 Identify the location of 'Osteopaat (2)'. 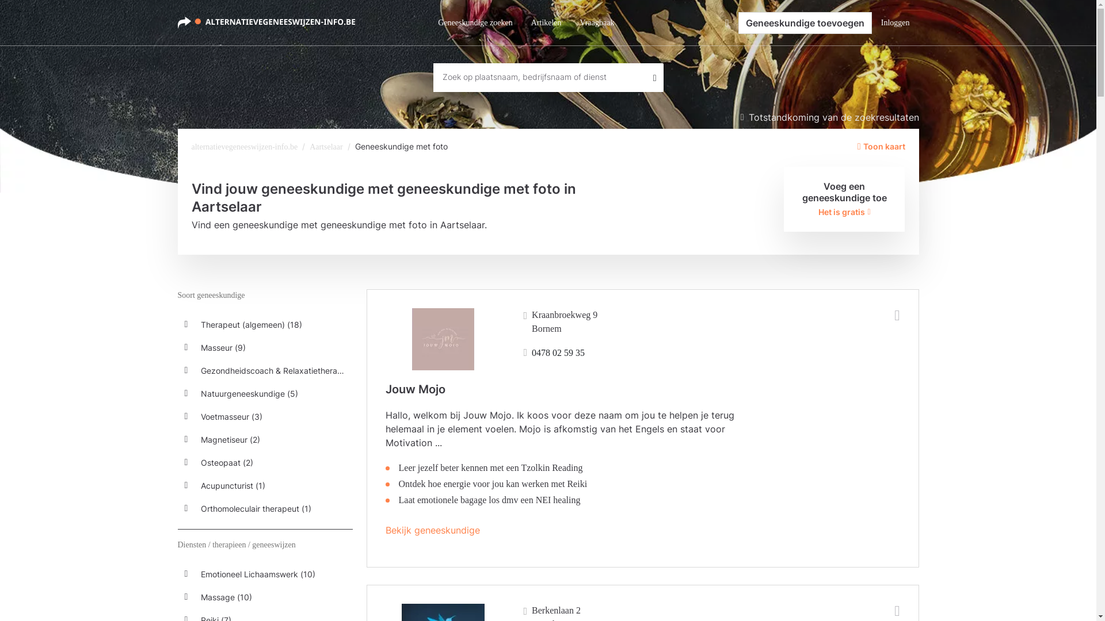
(264, 461).